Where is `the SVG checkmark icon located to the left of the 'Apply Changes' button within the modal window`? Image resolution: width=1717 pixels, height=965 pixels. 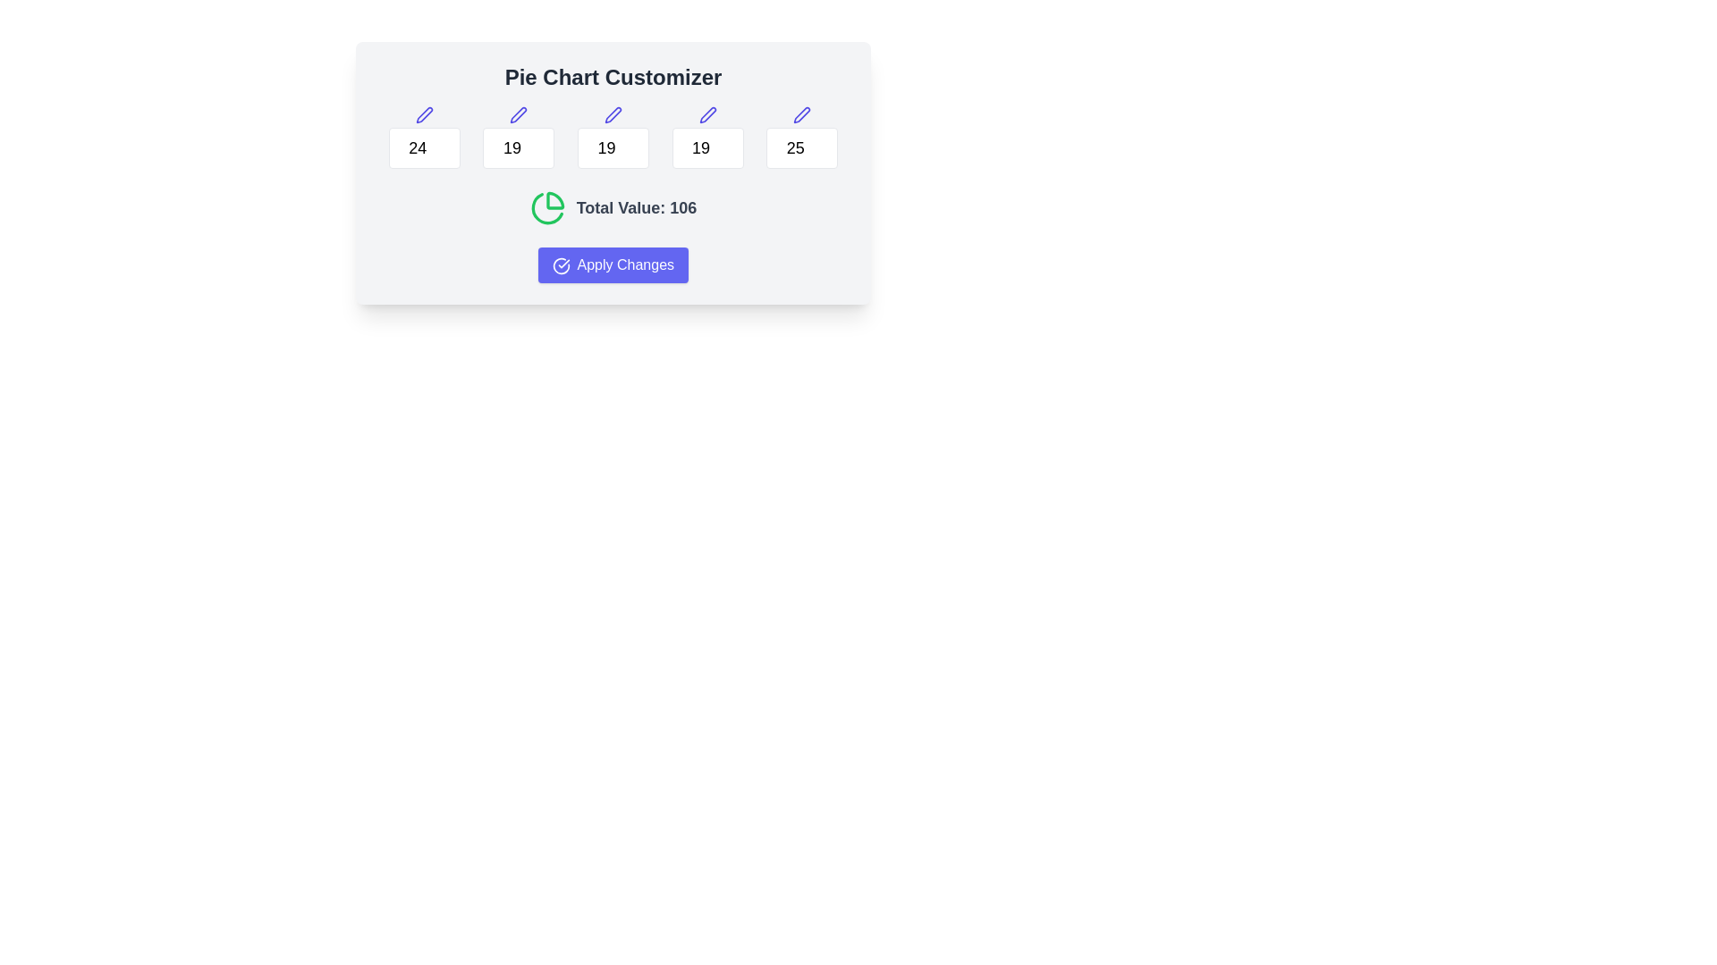
the SVG checkmark icon located to the left of the 'Apply Changes' button within the modal window is located at coordinates (561, 265).